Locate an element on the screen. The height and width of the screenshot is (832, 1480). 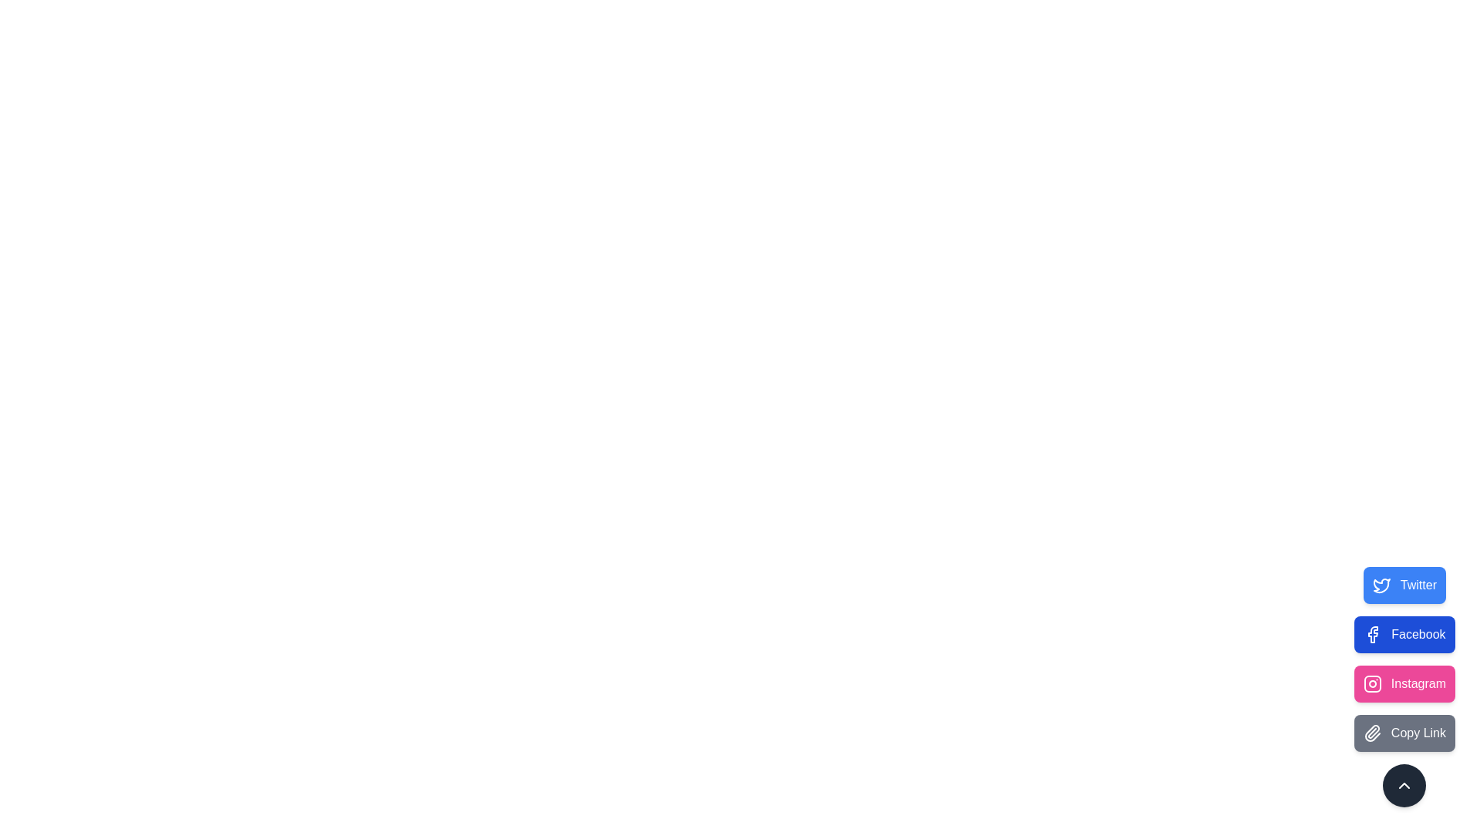
the Copy Link button to observe visual feedback is located at coordinates (1404, 733).